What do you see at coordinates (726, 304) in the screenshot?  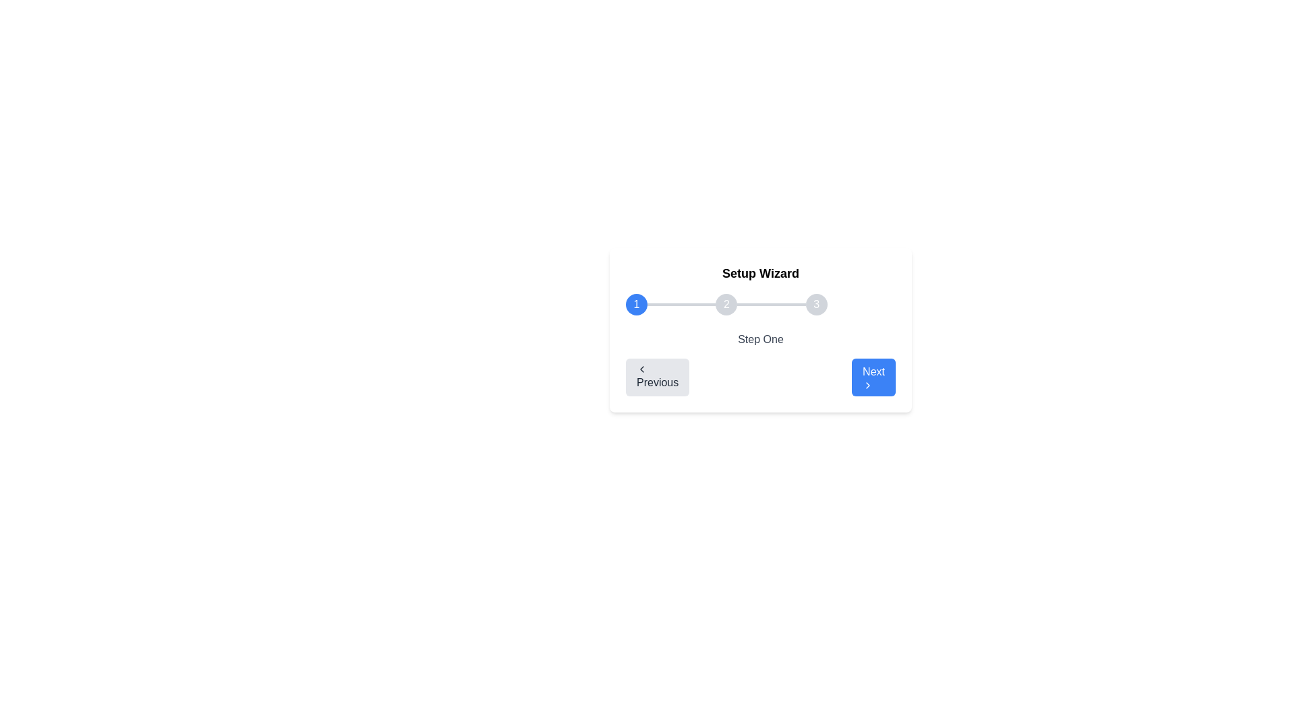 I see `the second step indicator in the progress tracker bar, which visually represents the second step in a multi-step process` at bounding box center [726, 304].